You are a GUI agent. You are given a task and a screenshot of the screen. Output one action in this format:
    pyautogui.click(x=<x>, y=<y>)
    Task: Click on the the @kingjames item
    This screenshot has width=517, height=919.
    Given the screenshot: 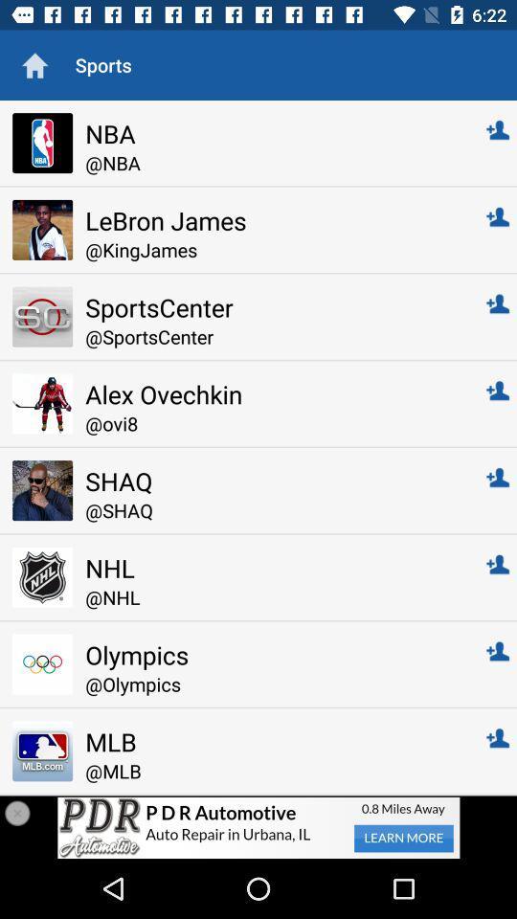 What is the action you would take?
    pyautogui.click(x=272, y=249)
    